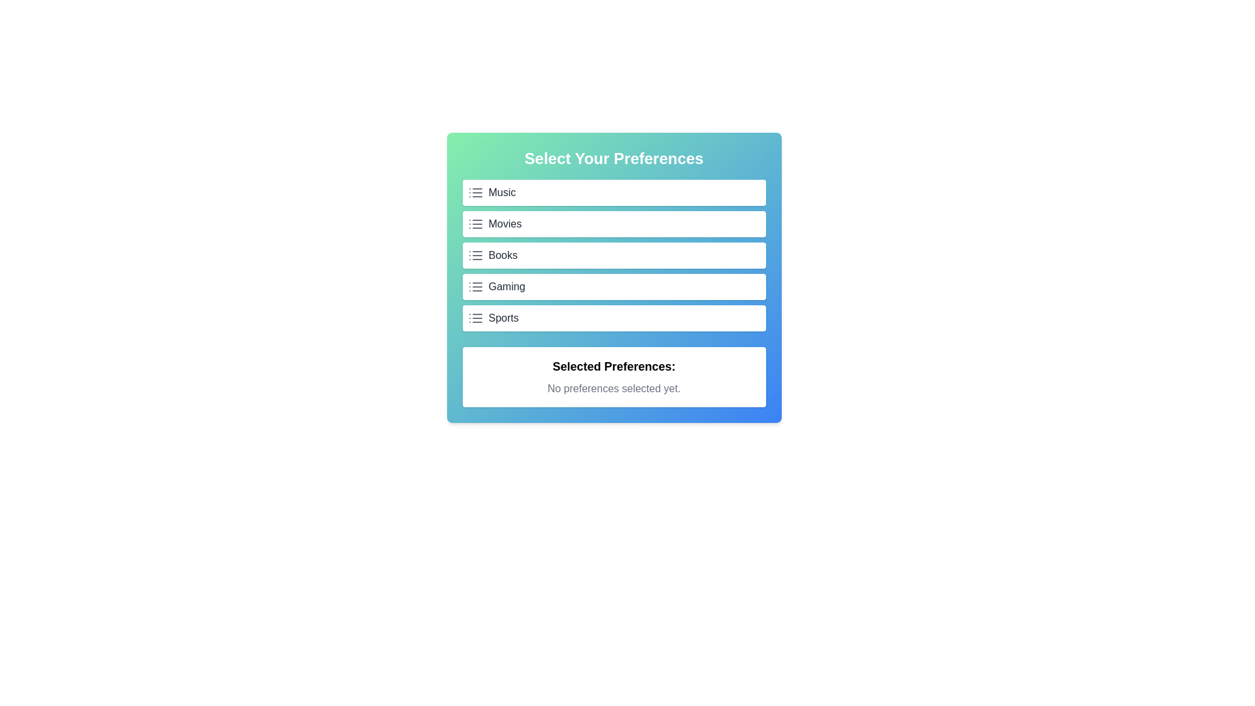  What do you see at coordinates (613, 377) in the screenshot?
I see `the Text Display Panel displaying 'Selected Preferences:' and 'No preferences selected yet.' with a white background and rounded corners` at bounding box center [613, 377].